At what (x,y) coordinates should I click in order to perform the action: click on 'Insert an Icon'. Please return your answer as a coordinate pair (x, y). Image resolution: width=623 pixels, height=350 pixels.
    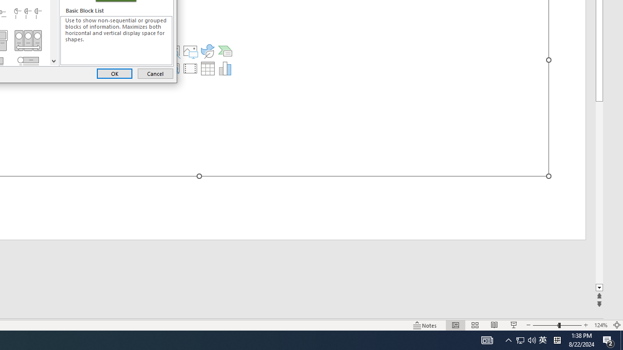
    Looking at the image, I should click on (207, 51).